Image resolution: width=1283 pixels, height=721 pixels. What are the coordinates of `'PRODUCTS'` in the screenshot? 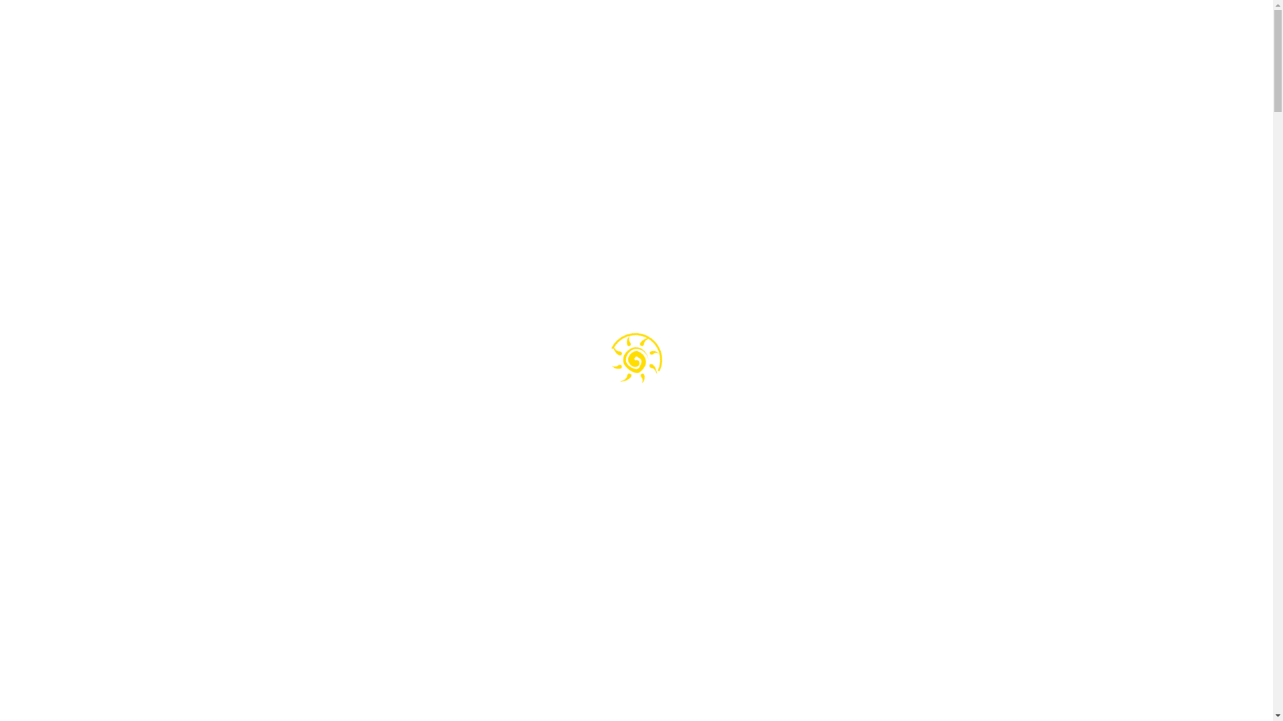 It's located at (718, 37).